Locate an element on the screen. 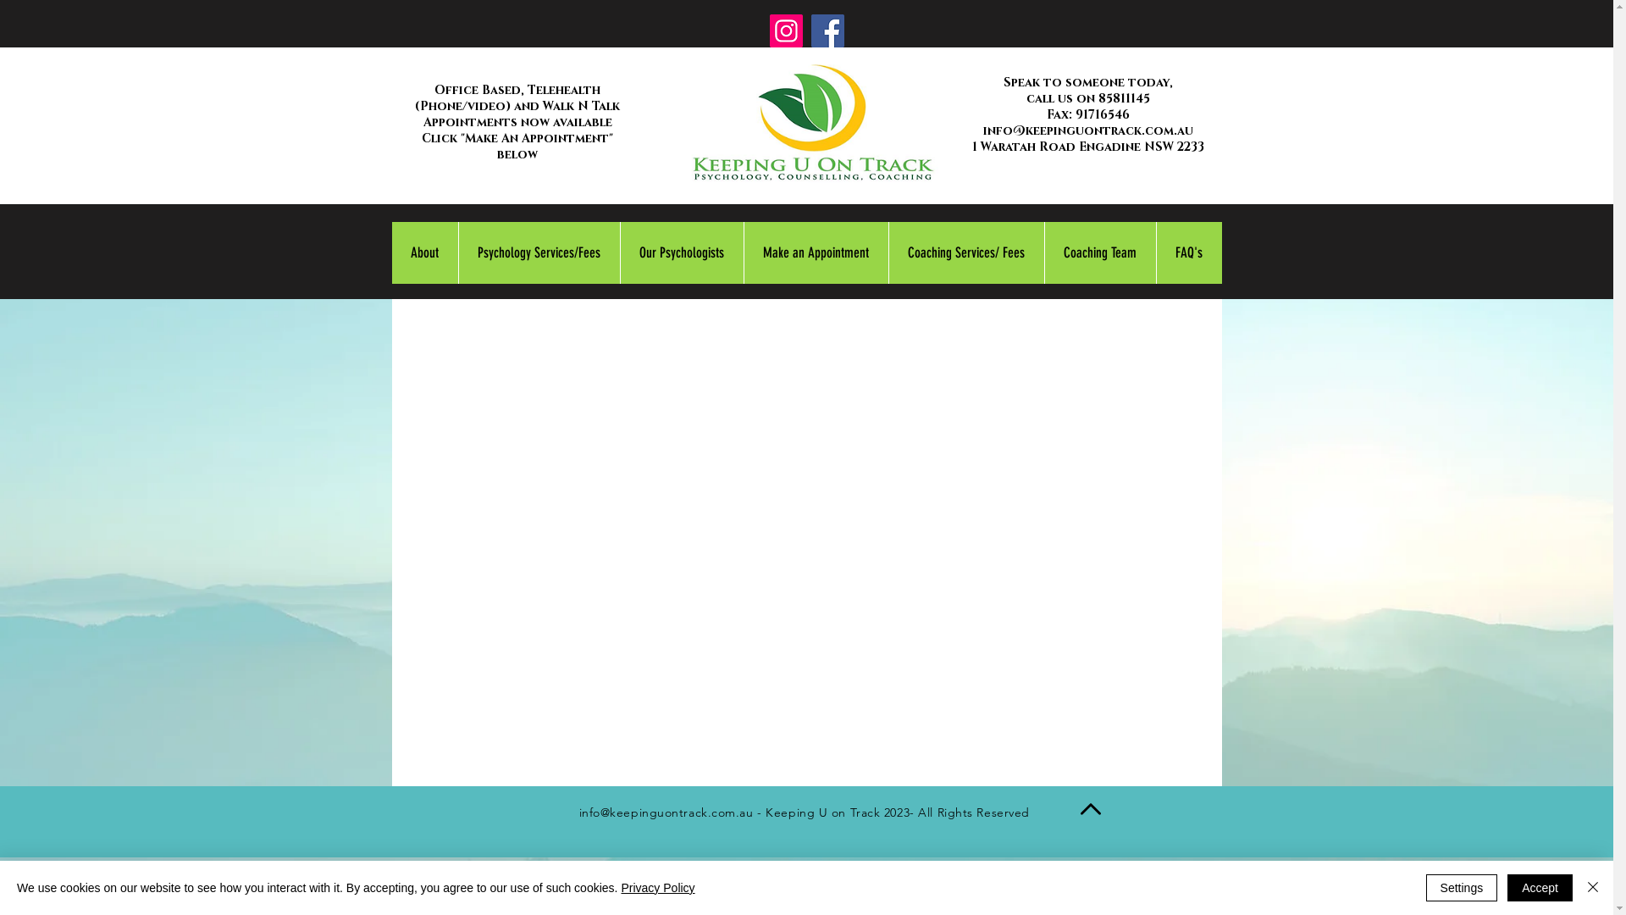 This screenshot has width=1626, height=915. 'About' is located at coordinates (423, 252).